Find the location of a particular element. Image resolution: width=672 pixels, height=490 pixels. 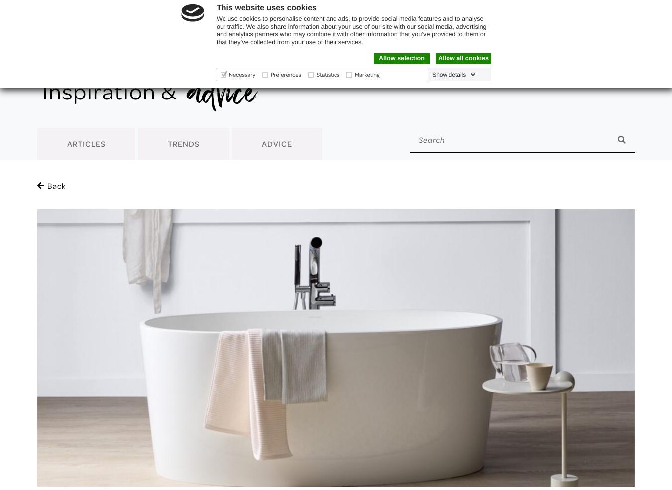

'Back' is located at coordinates (47, 186).